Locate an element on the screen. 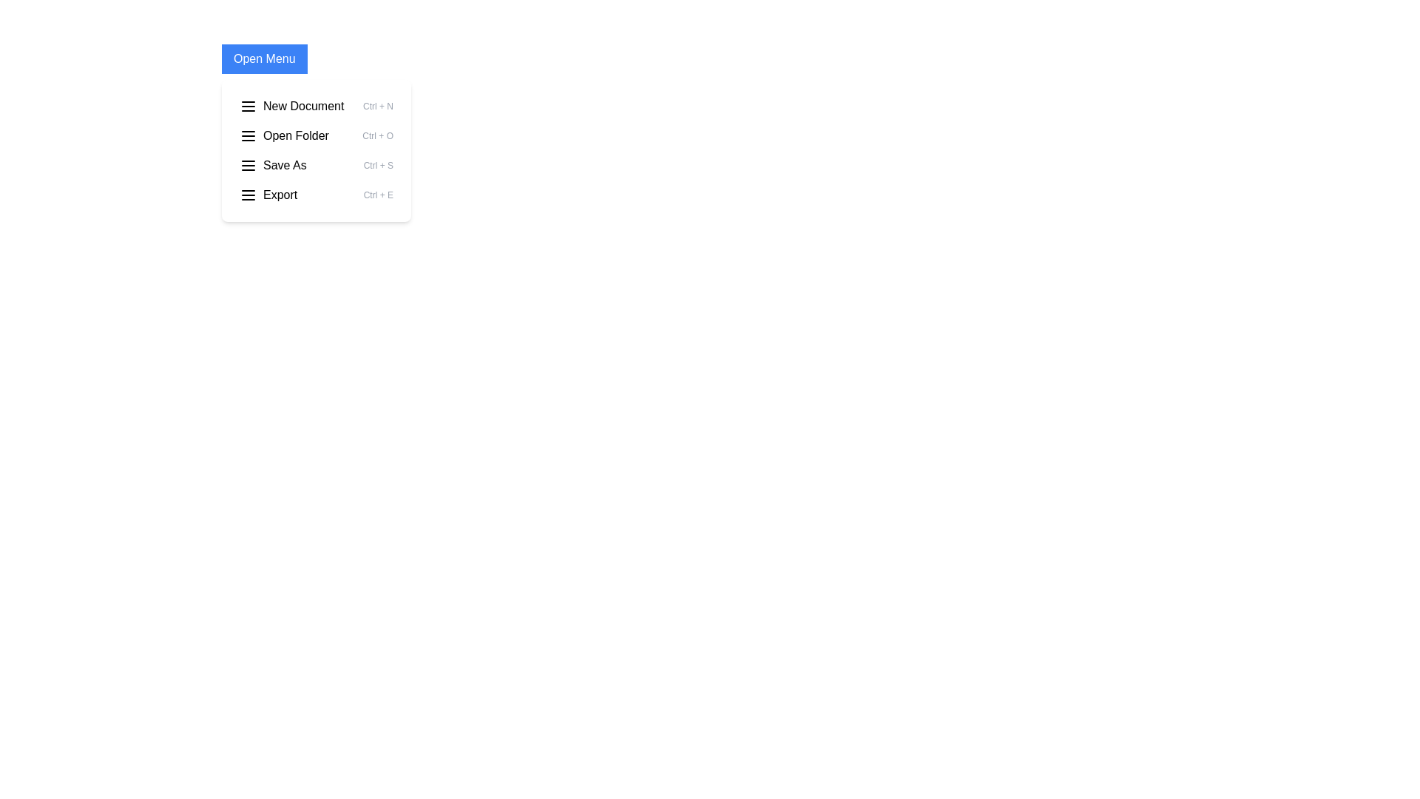  the first menu item labeled 'Create New Document' in the vertical list under 'Open Menu' is located at coordinates (291, 105).